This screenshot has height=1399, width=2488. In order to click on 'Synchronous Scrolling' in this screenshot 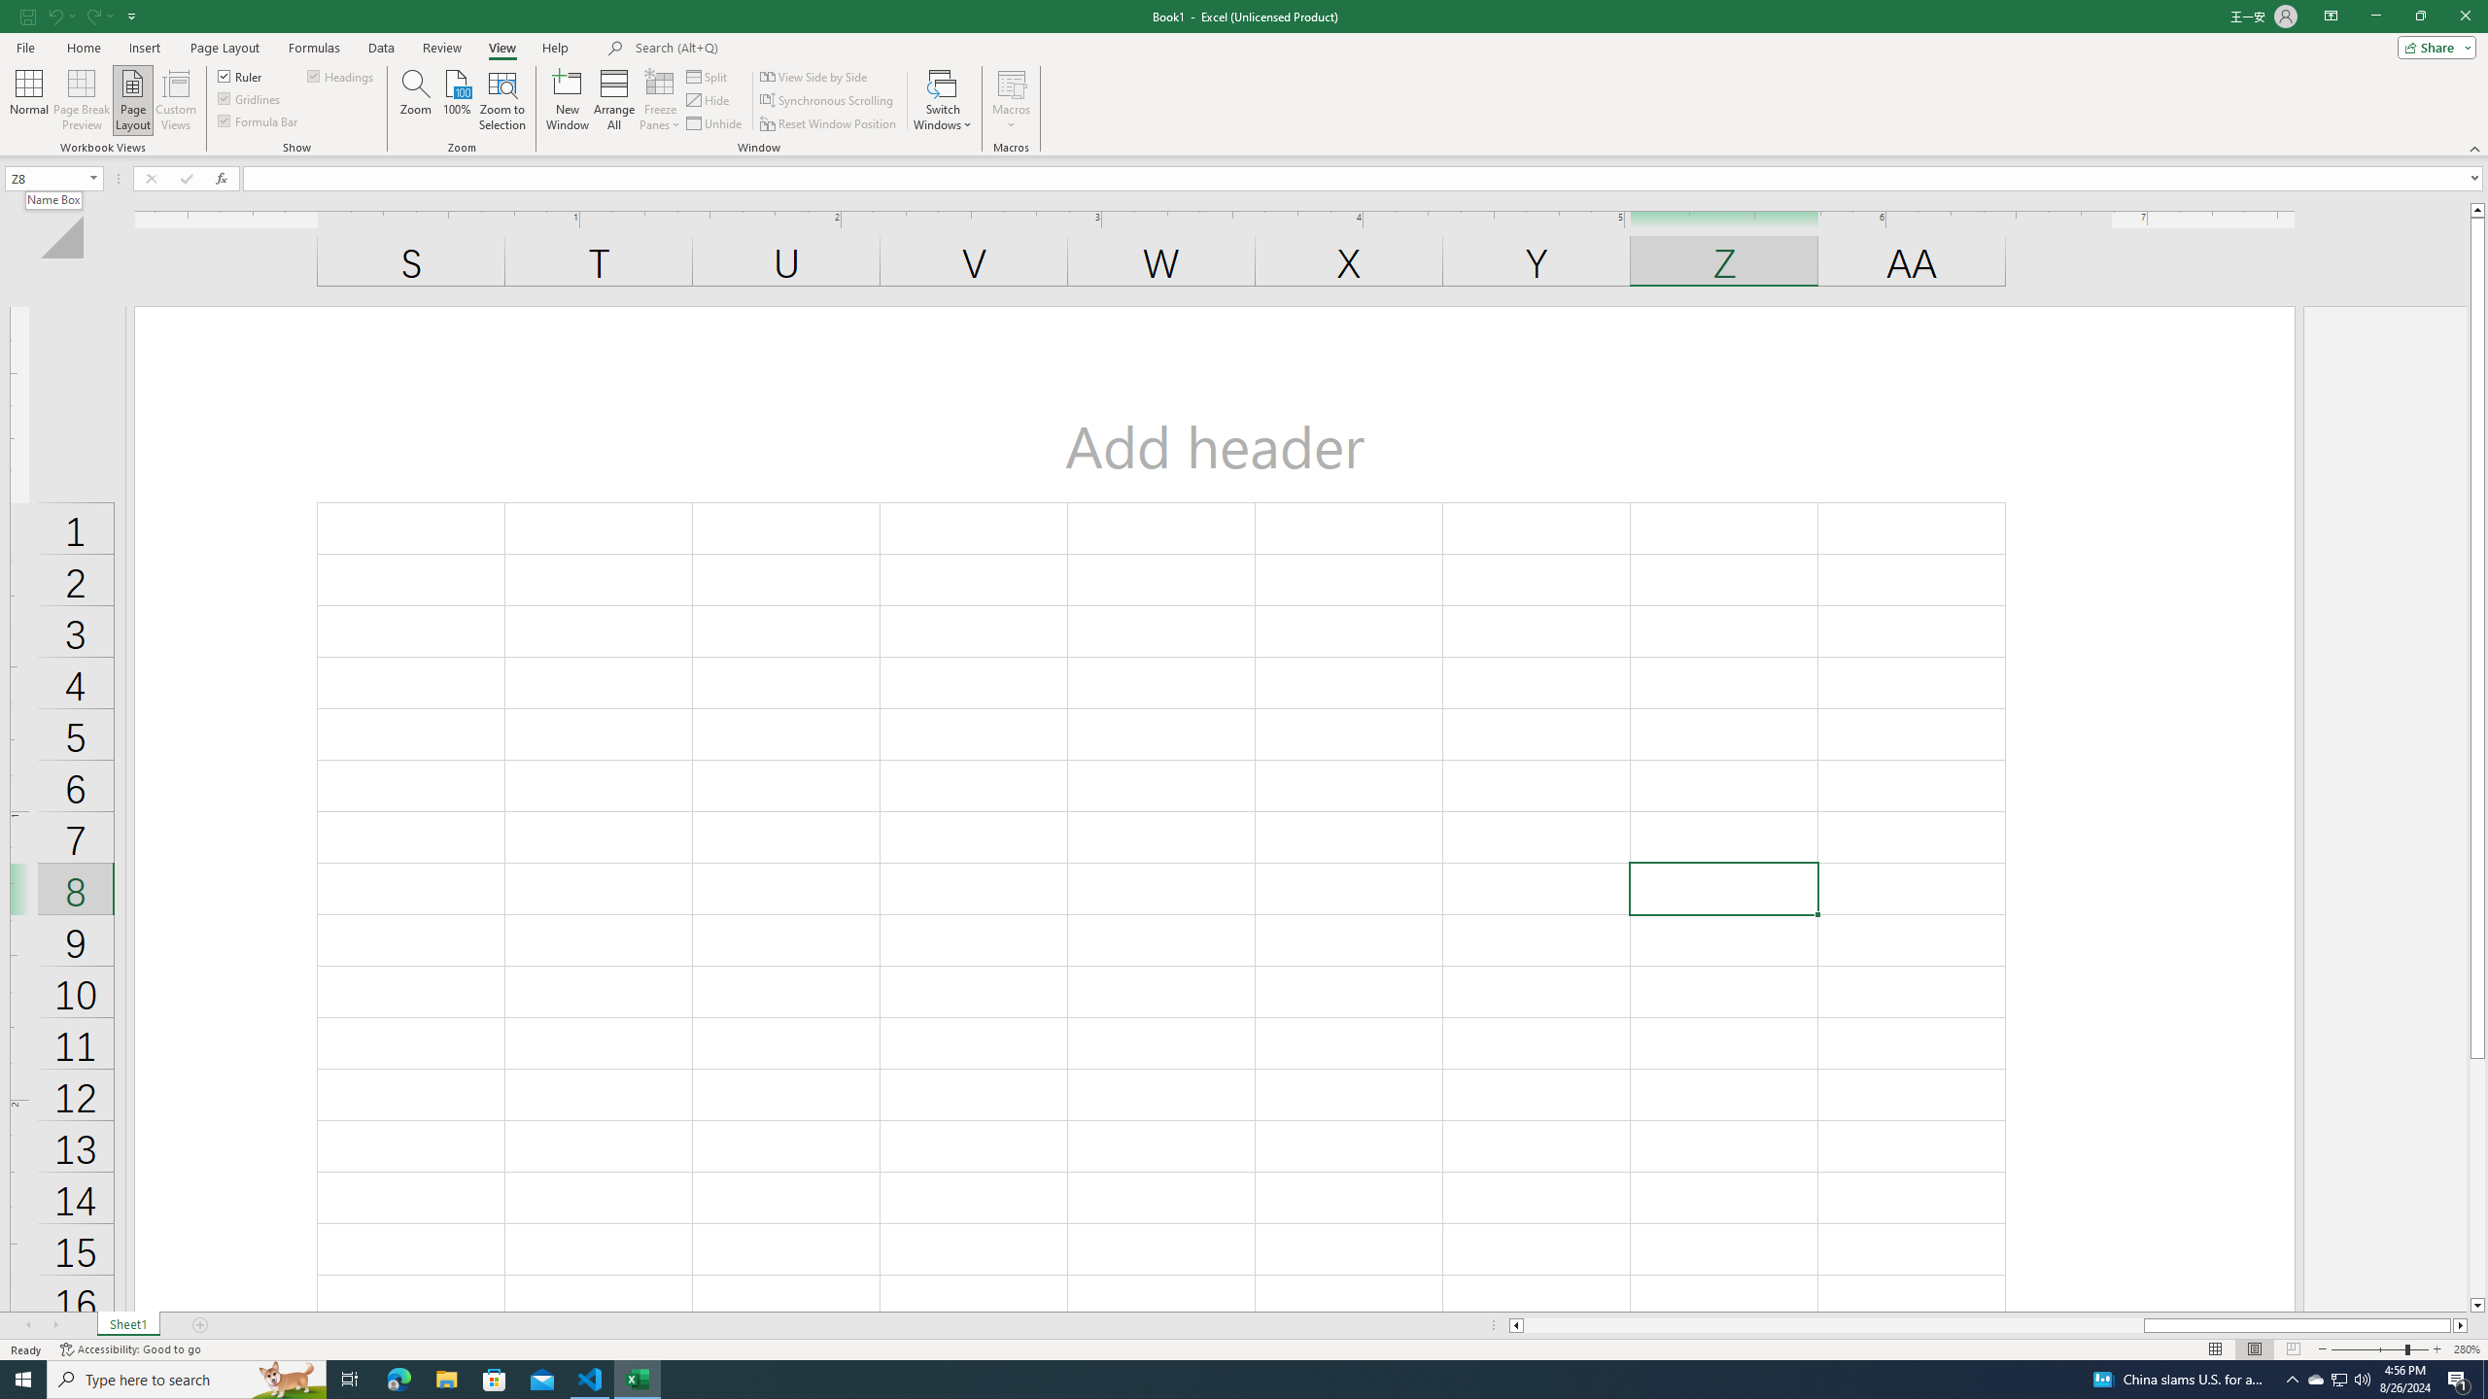, I will do `click(827, 100)`.